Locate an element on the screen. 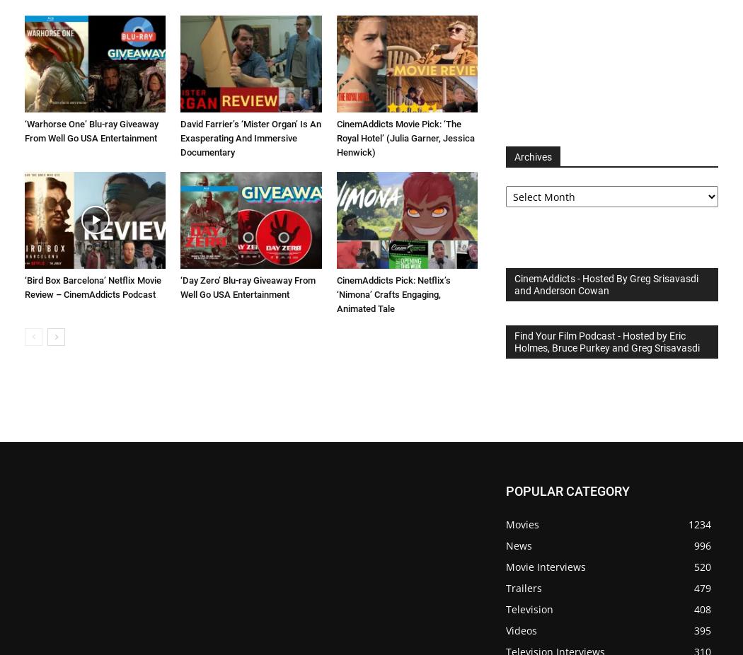 This screenshot has width=743, height=655. '‘Warhorse One’ Blu-ray Giveaway From Well Go USA Entertainment' is located at coordinates (91, 129).